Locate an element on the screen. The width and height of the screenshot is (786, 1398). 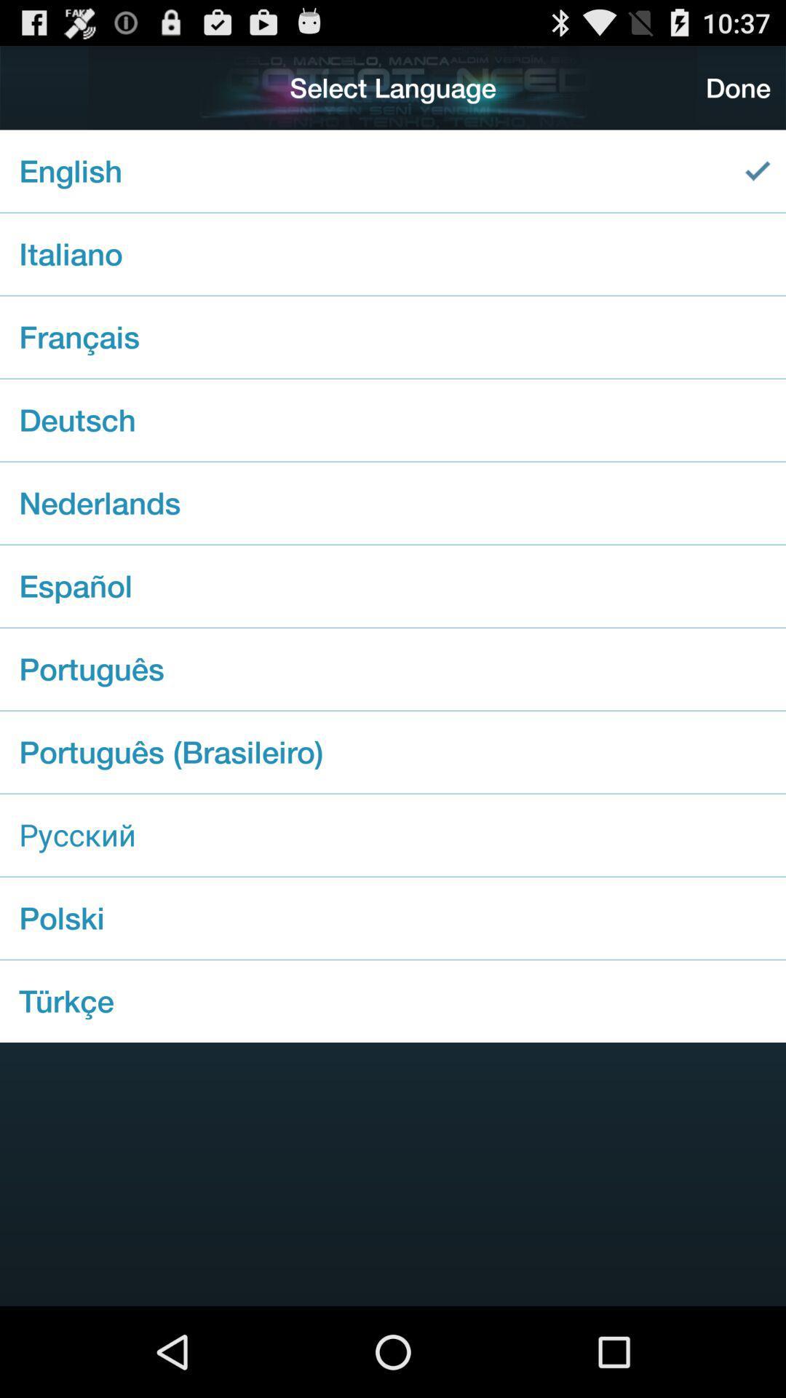
item above the polski icon is located at coordinates (393, 835).